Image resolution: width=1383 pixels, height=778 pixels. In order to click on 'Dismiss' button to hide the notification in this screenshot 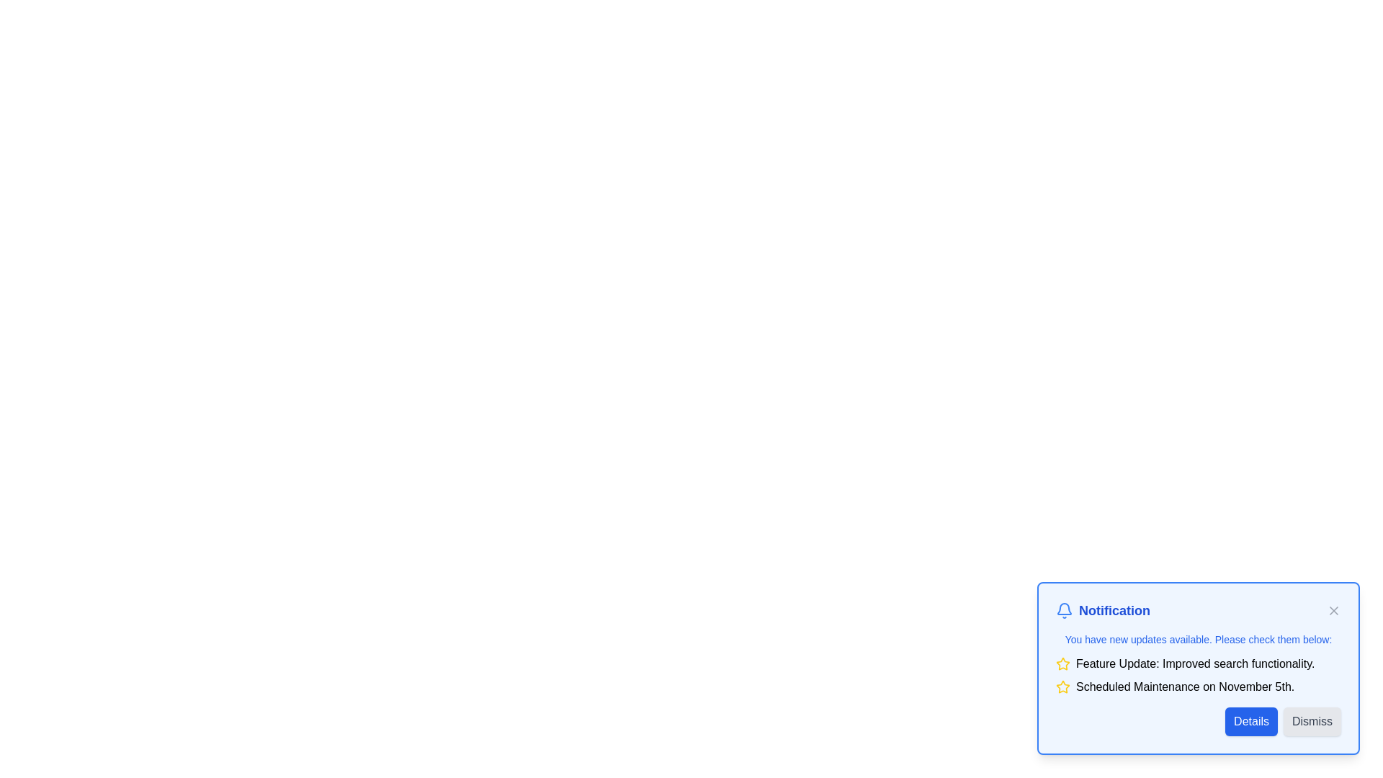, I will do `click(1312, 722)`.